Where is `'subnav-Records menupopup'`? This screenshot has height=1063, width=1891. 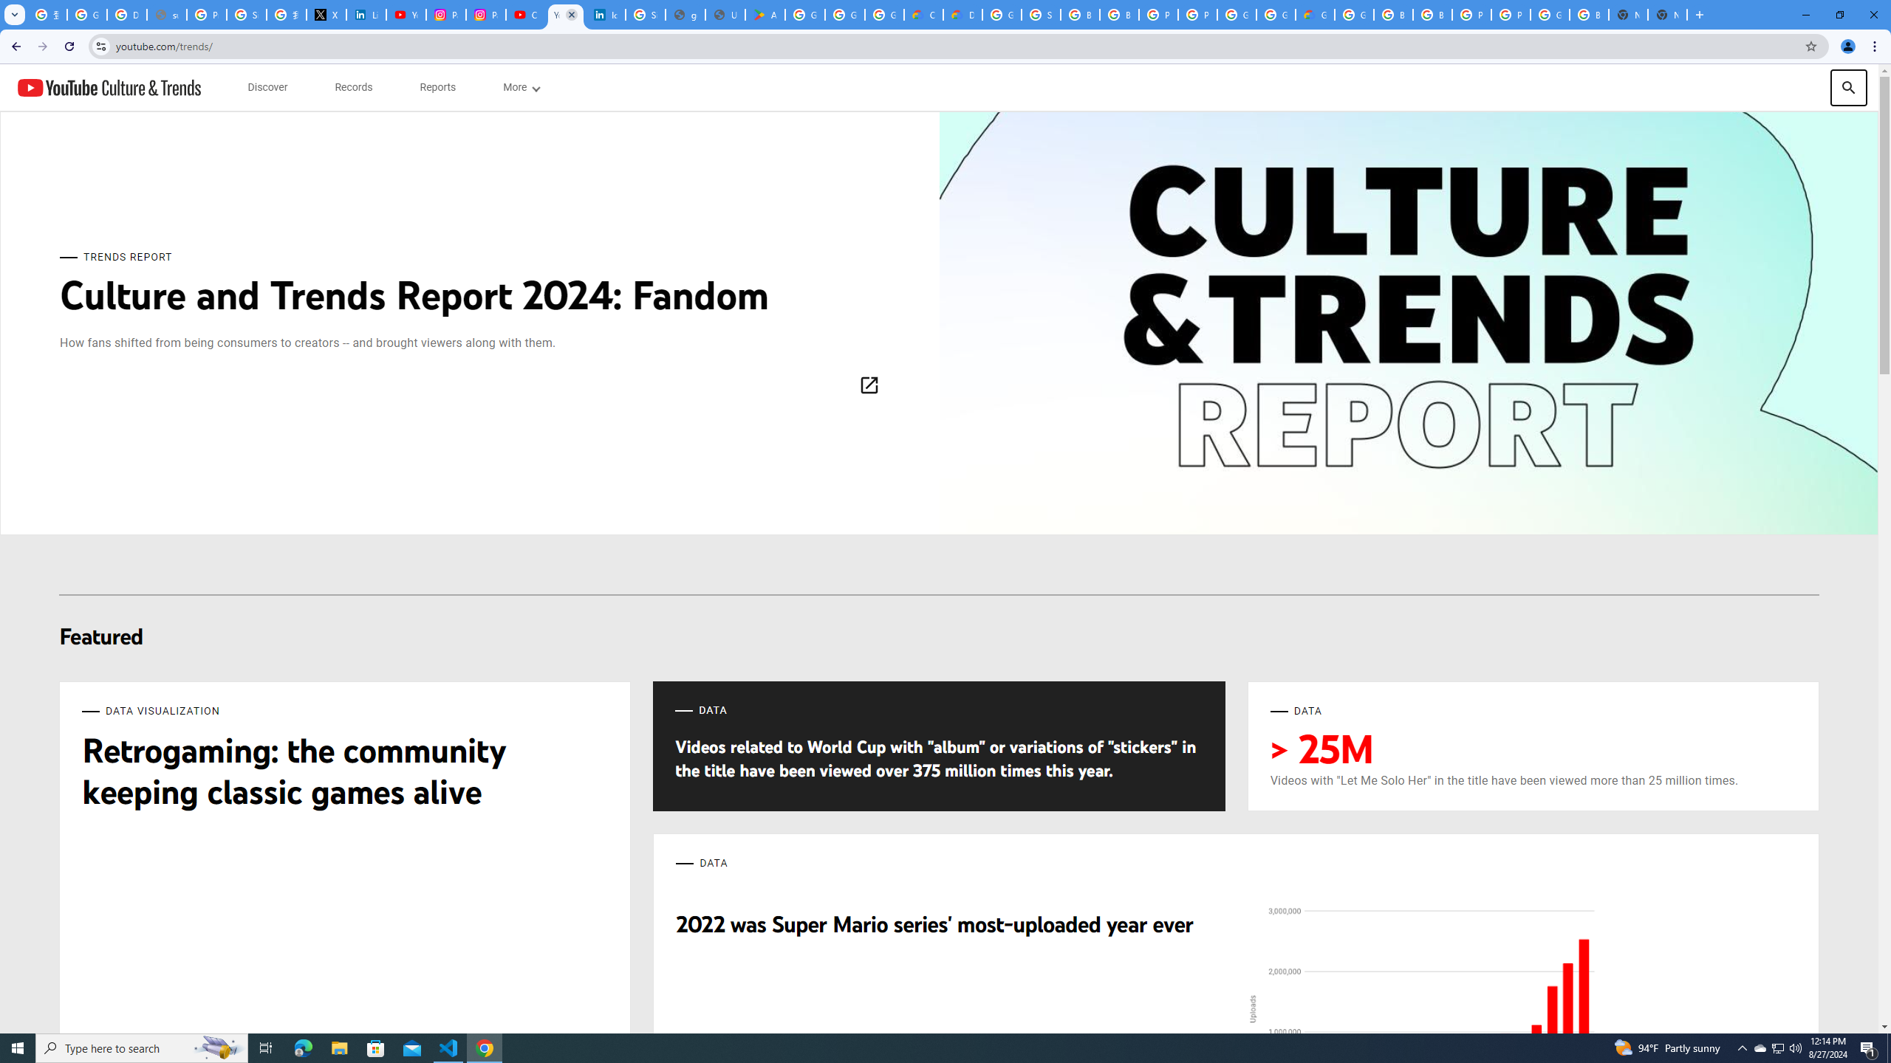
'subnav-Records menupopup' is located at coordinates (352, 87).